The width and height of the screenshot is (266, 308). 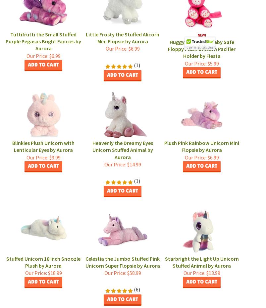 What do you see at coordinates (43, 146) in the screenshot?
I see `'Blinkies Plush Unicorn with Lenticular Eyes by Aurora'` at bounding box center [43, 146].